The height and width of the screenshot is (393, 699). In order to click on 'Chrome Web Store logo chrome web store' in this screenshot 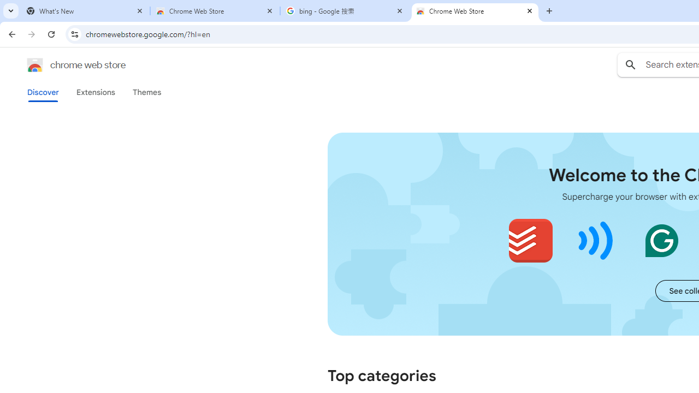, I will do `click(64, 65)`.